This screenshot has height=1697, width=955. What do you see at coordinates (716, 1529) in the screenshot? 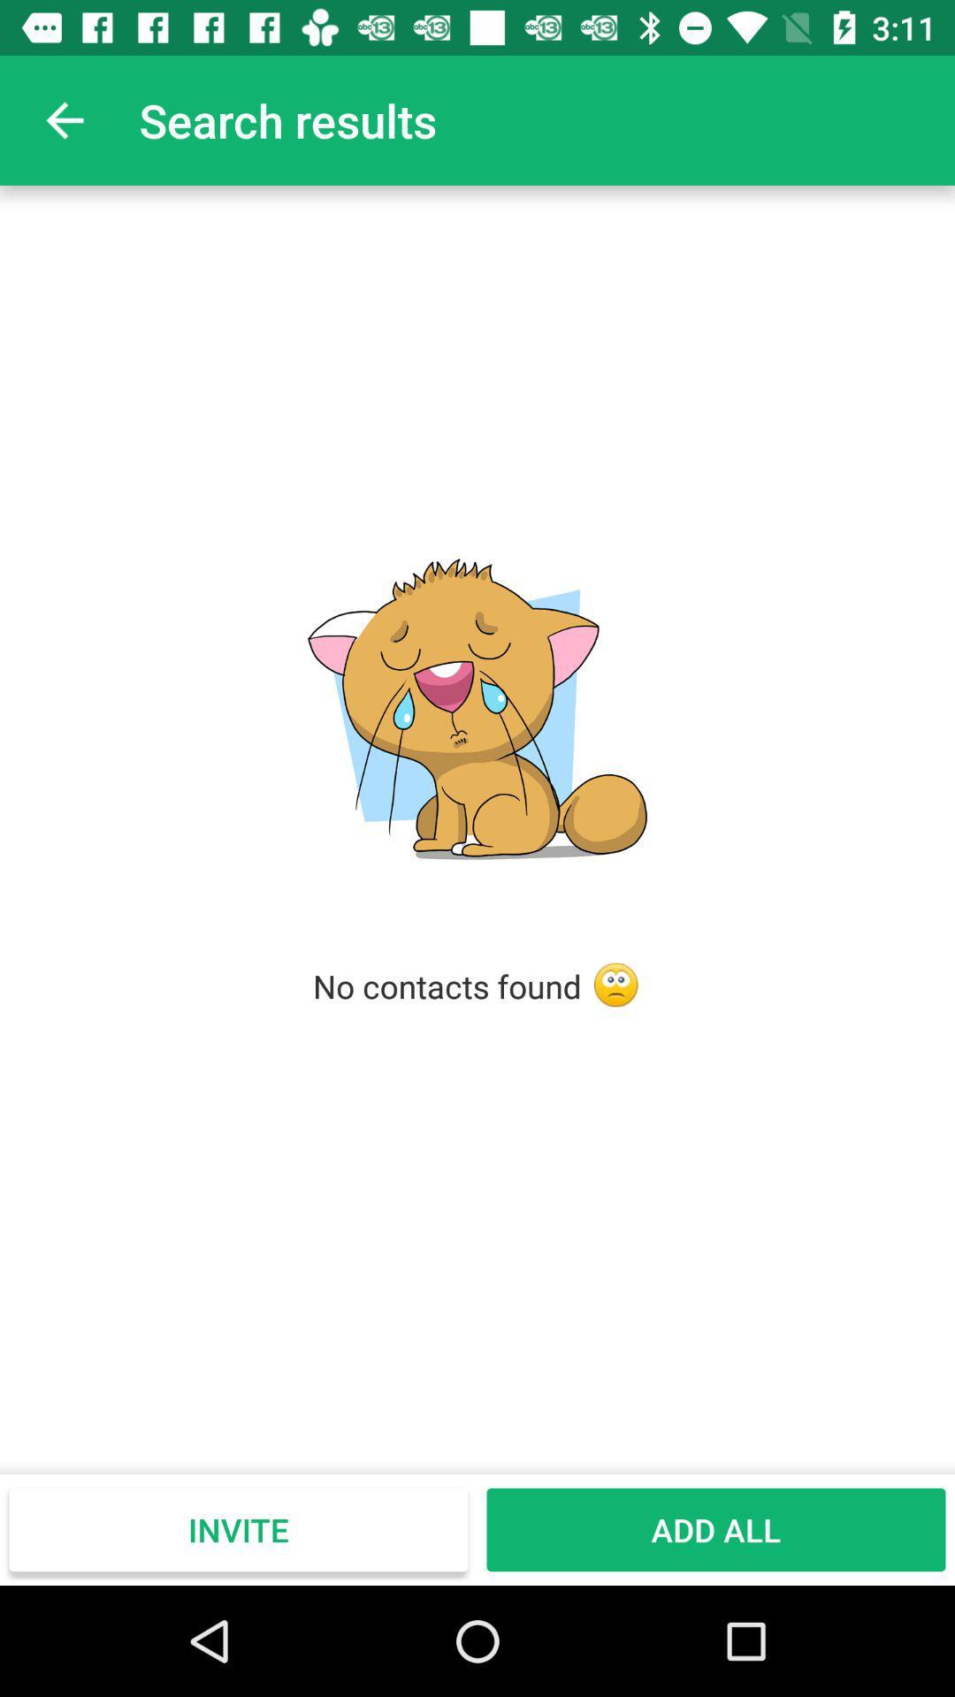
I see `the icon next to the invite icon` at bounding box center [716, 1529].